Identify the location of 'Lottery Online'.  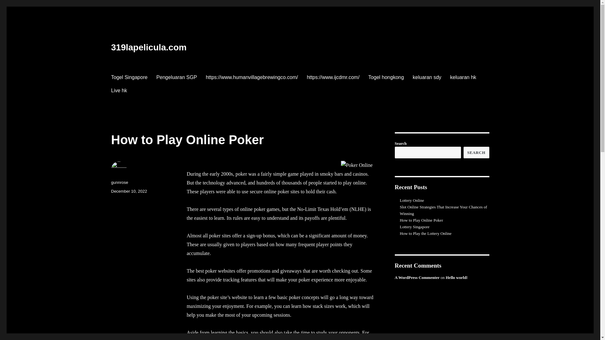
(412, 200).